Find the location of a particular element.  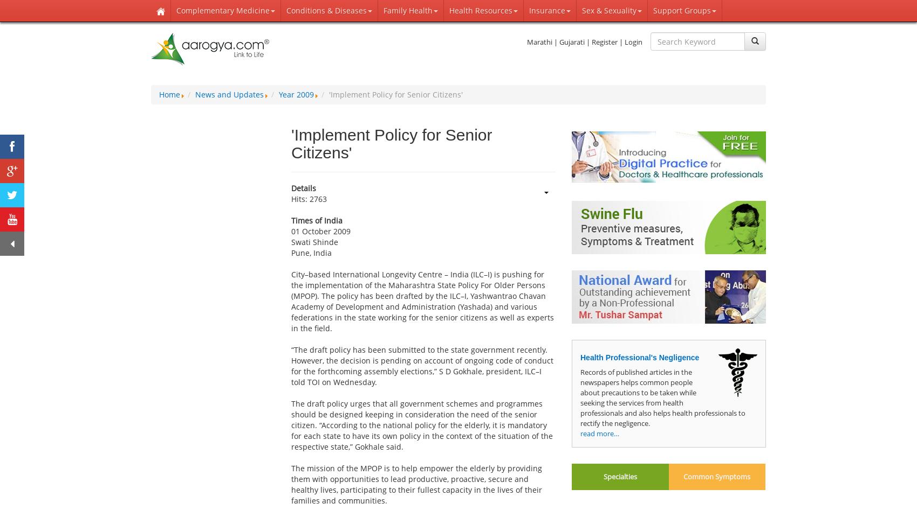

'Login' is located at coordinates (633, 42).